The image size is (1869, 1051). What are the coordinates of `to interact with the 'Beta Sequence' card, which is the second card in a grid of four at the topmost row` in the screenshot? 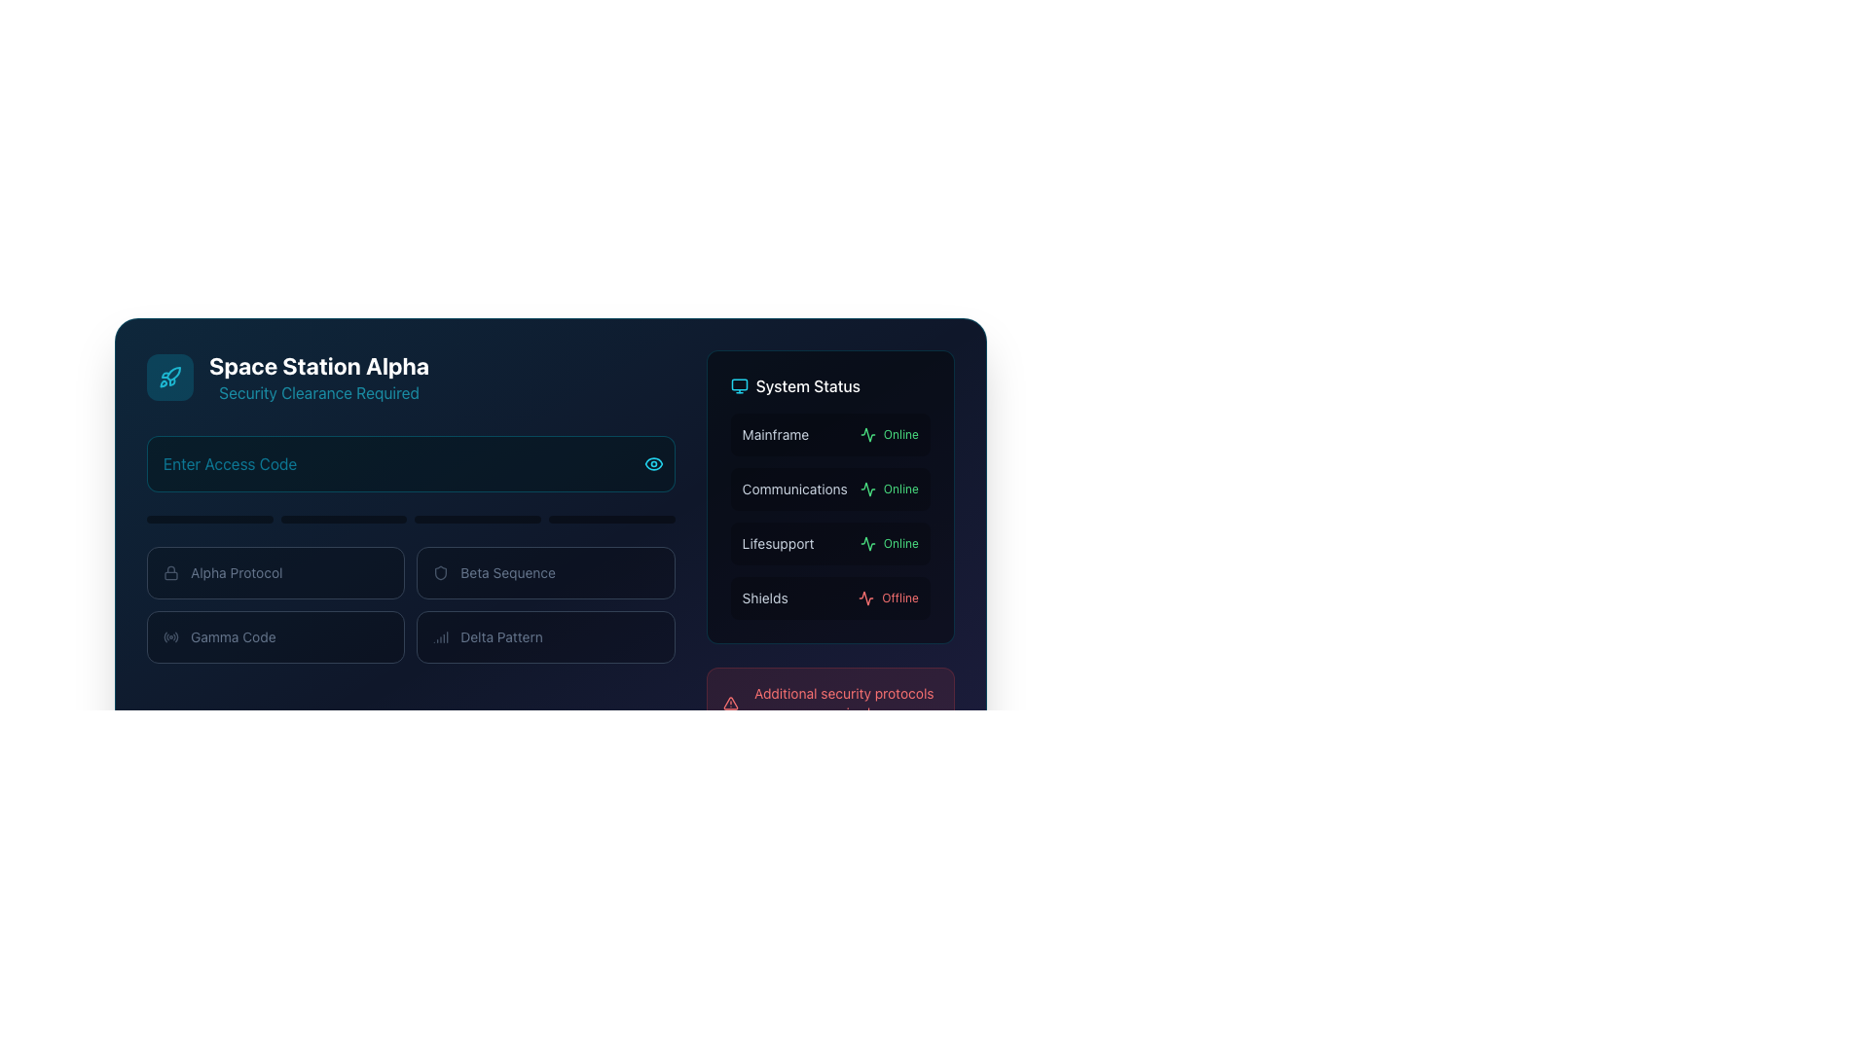 It's located at (550, 583).